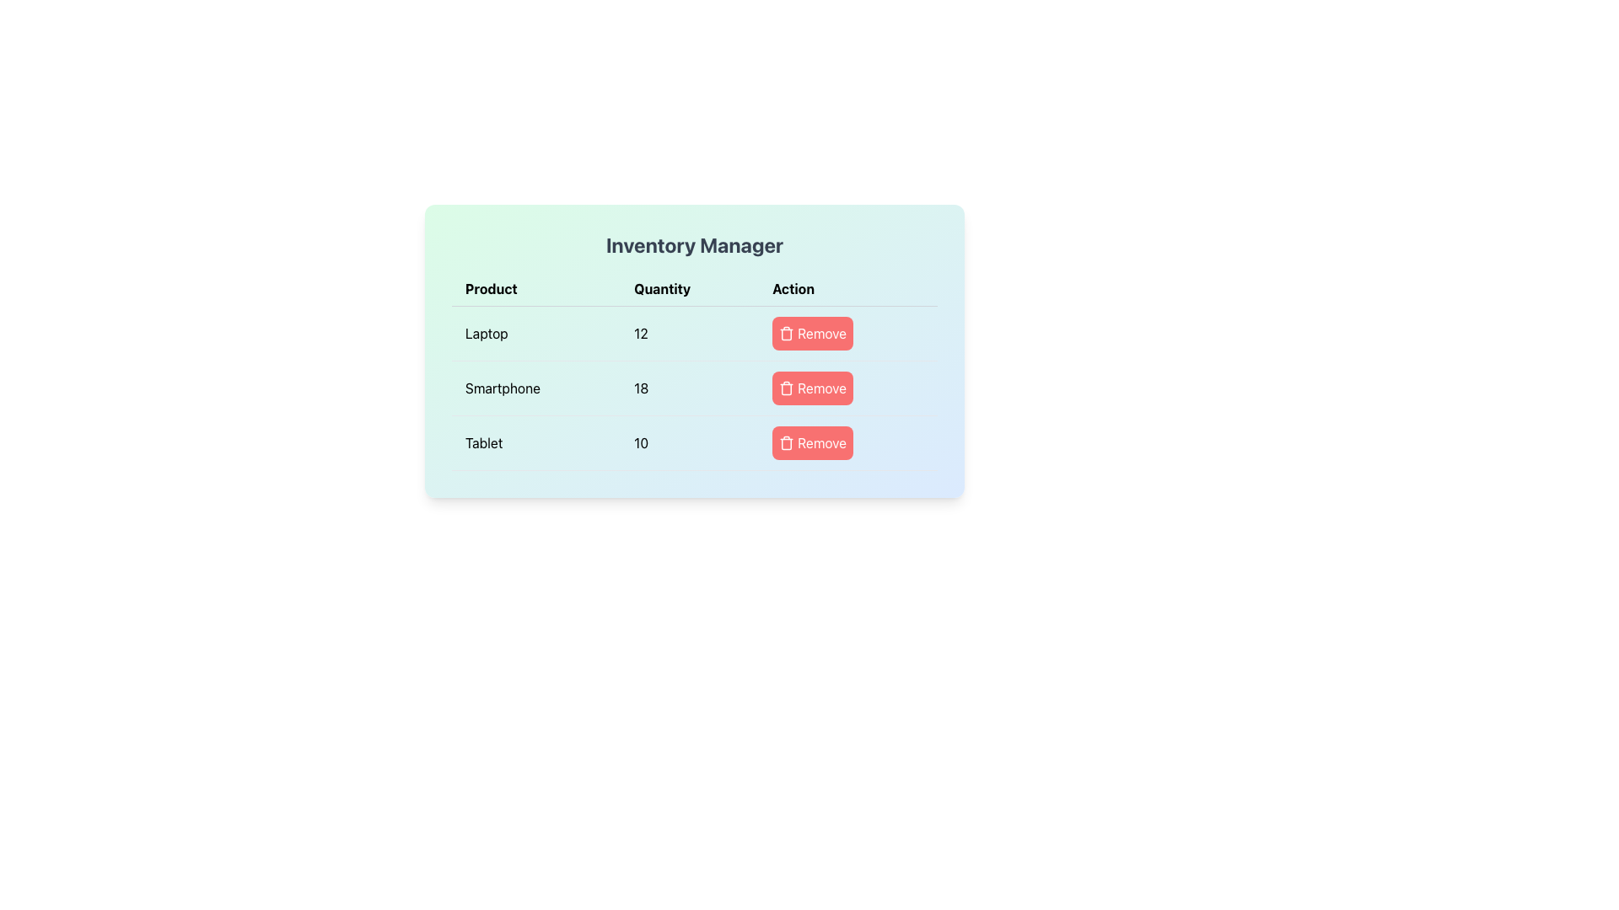 Image resolution: width=1619 pixels, height=910 pixels. What do you see at coordinates (695, 334) in the screenshot?
I see `the quantity of the first inventory item in the table row labeled 'Laptop', which is displayed in the second column as '12'` at bounding box center [695, 334].